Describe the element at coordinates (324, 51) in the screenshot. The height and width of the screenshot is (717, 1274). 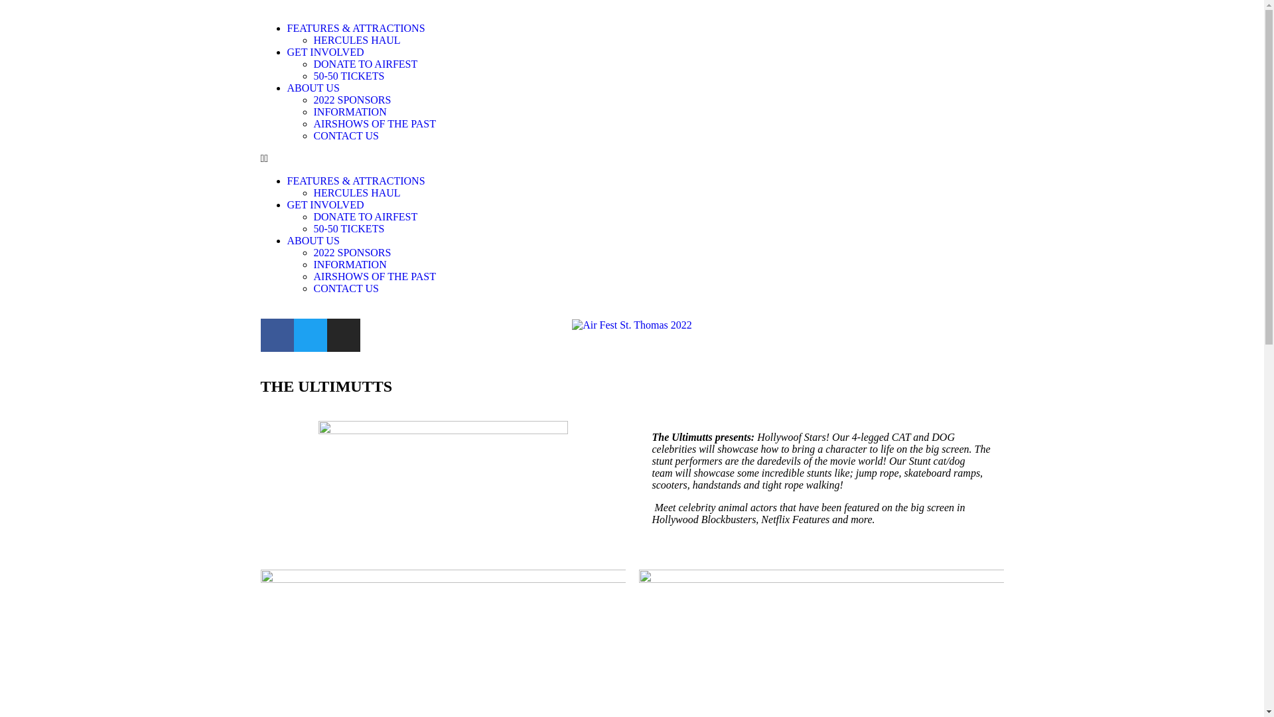
I see `'GET INVOLVED'` at that location.